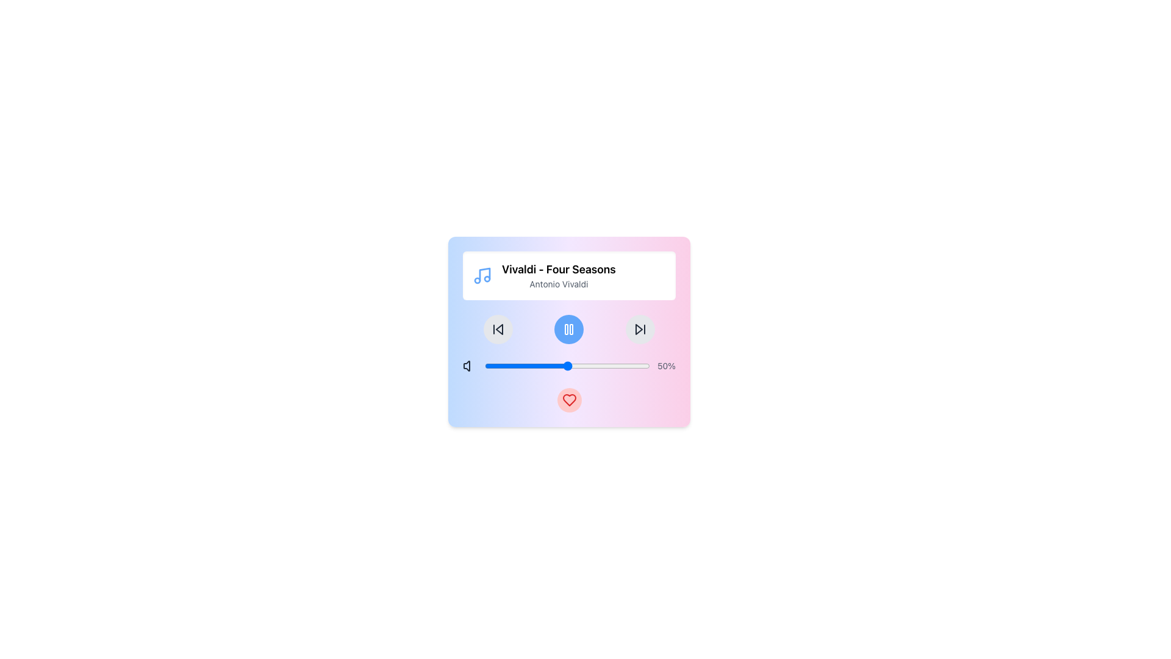  What do you see at coordinates (466, 366) in the screenshot?
I see `the speaker icon located in the bottom left area of the music player interface, which features a geometric design resembling a speaker cone` at bounding box center [466, 366].